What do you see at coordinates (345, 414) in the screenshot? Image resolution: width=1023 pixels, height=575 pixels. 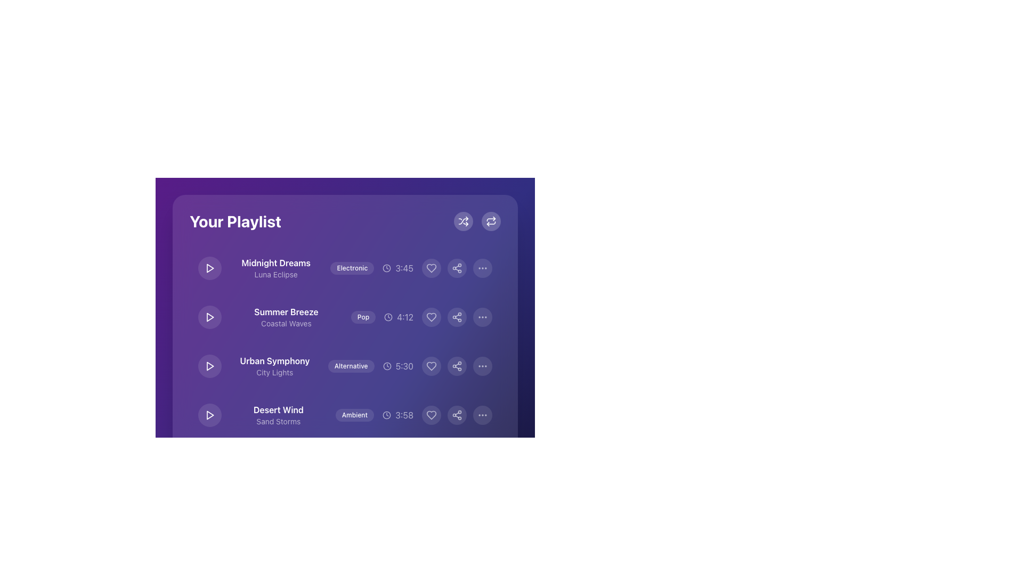 I see `the playlist item titled 'Desert Wind' with subtitle 'Sand Storms'` at bounding box center [345, 414].